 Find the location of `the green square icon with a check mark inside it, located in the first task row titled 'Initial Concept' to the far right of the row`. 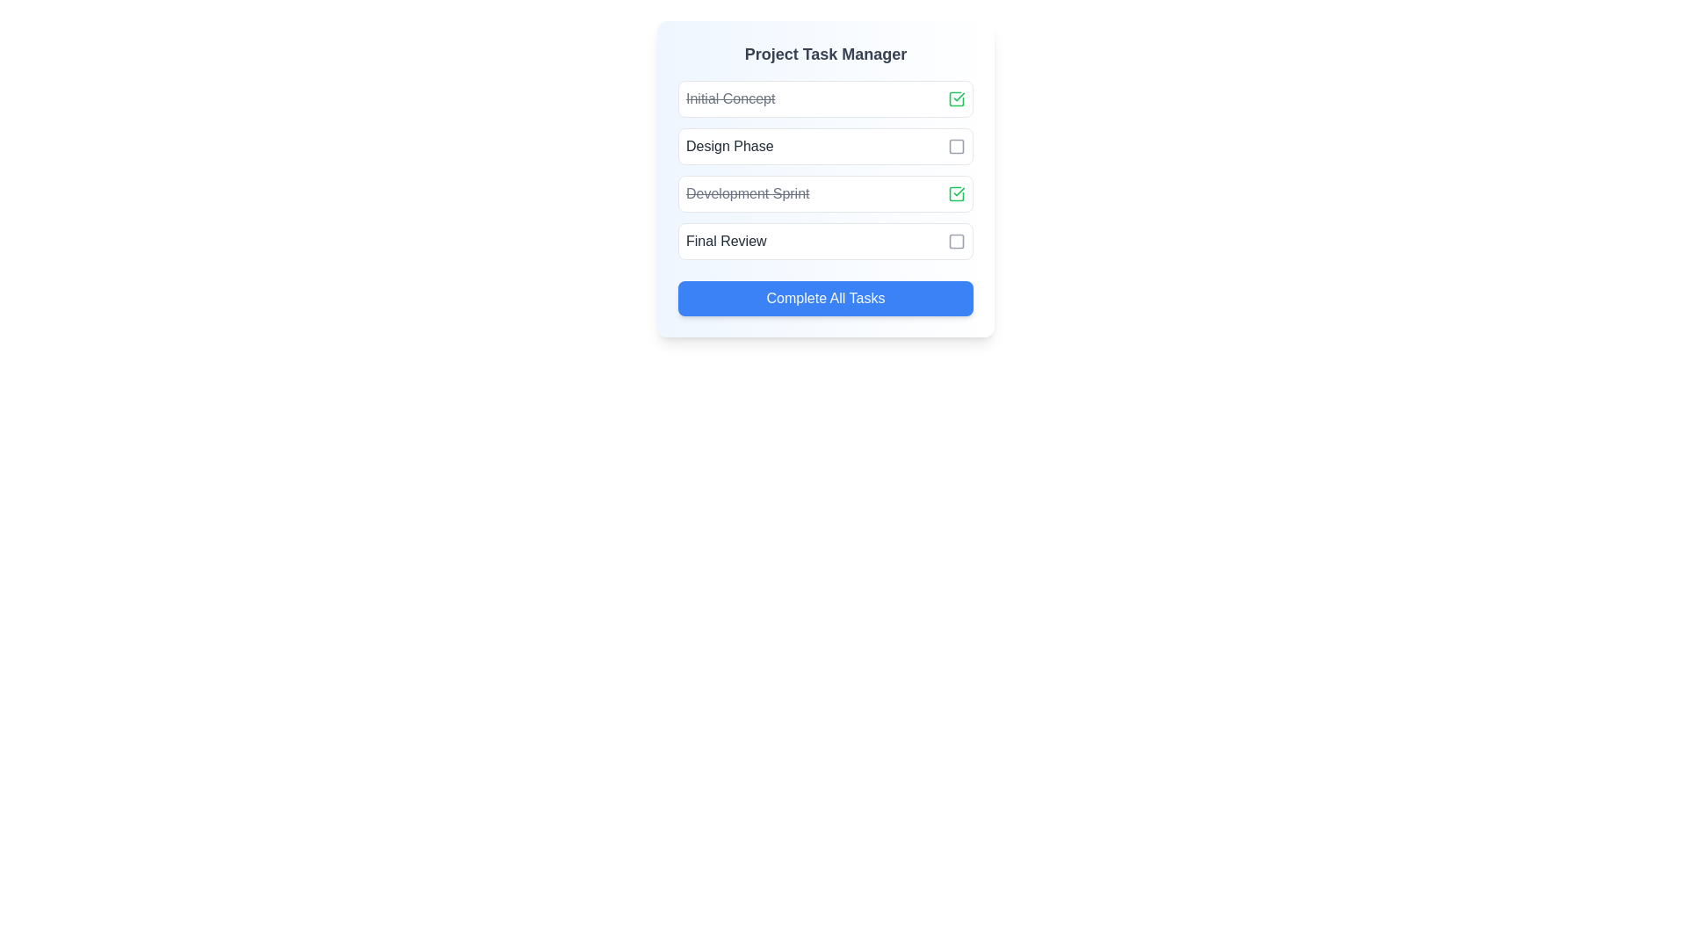

the green square icon with a check mark inside it, located in the first task row titled 'Initial Concept' to the far right of the row is located at coordinates (956, 193).